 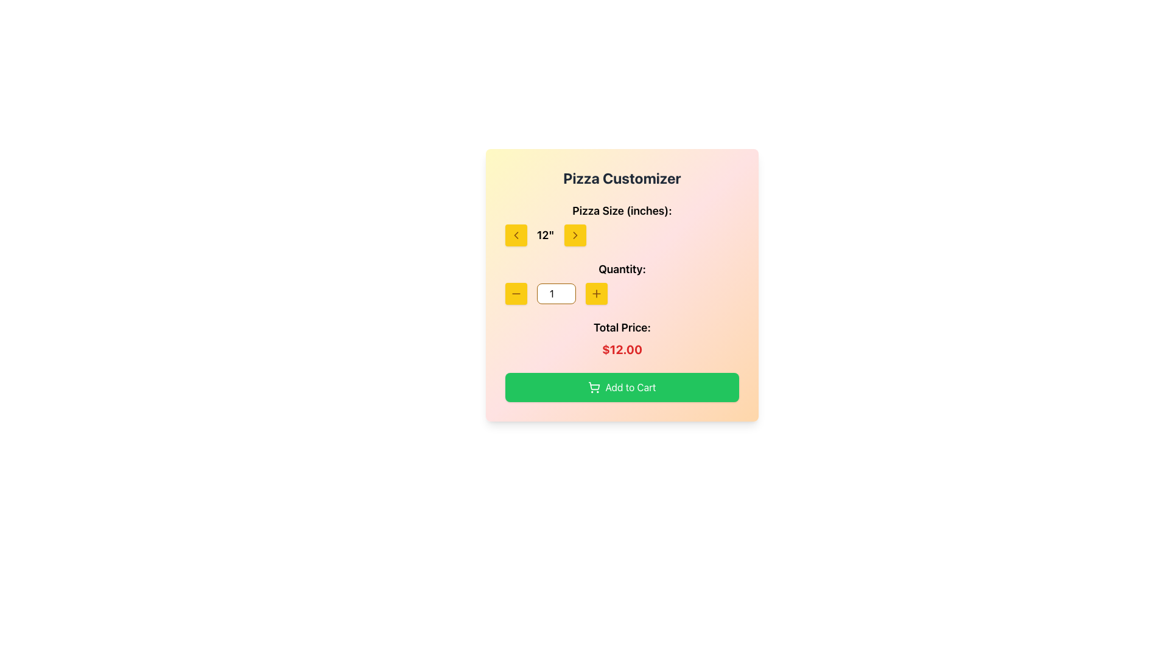 I want to click on the yellow plus sign button with rounded edges, located to the right of the numerical input box in the Quantity section, so click(x=596, y=293).